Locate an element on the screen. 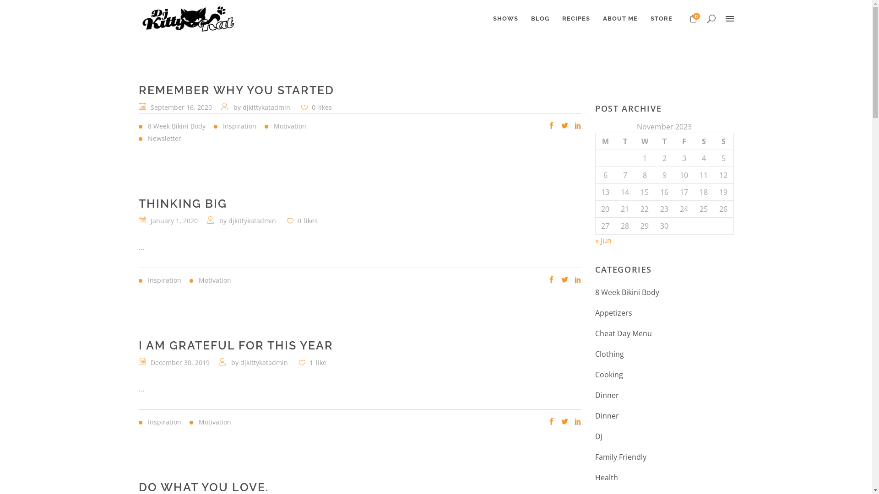  'Newsletter' is located at coordinates (138, 139).